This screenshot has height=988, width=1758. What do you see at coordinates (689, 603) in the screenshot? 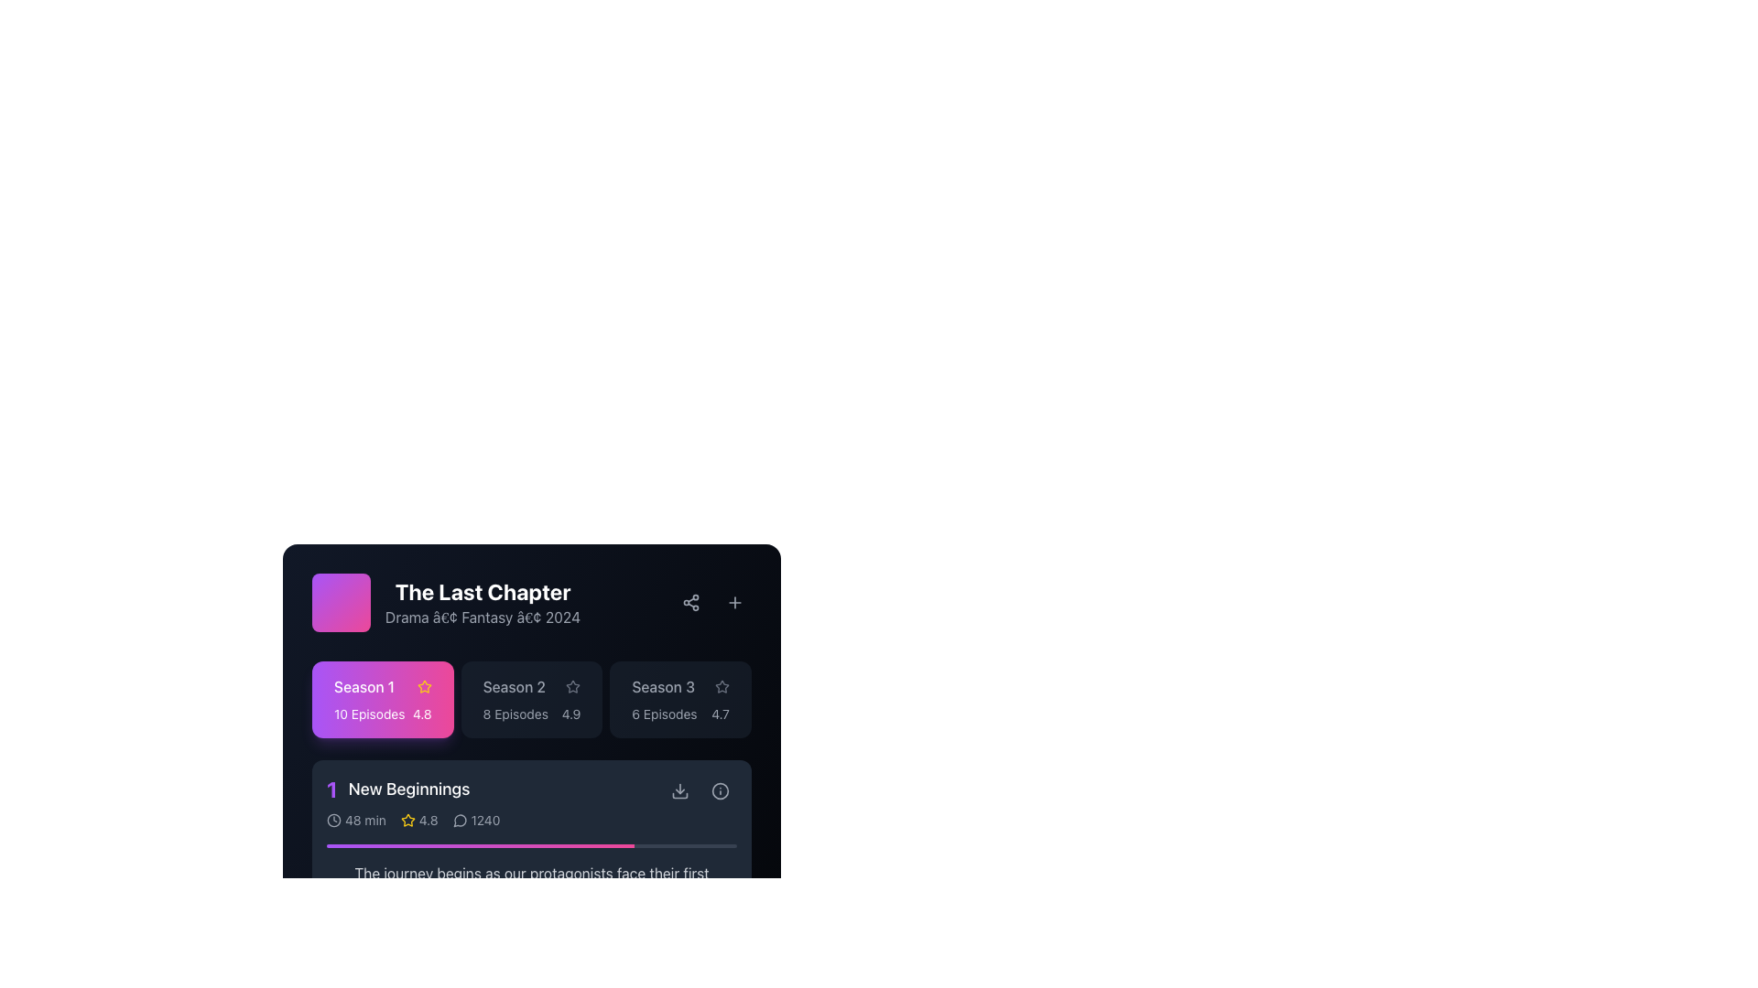
I see `the share/network SVG icon located at the top-right side of the interface, adjacent to the header text 'The Last Chapter'` at bounding box center [689, 603].